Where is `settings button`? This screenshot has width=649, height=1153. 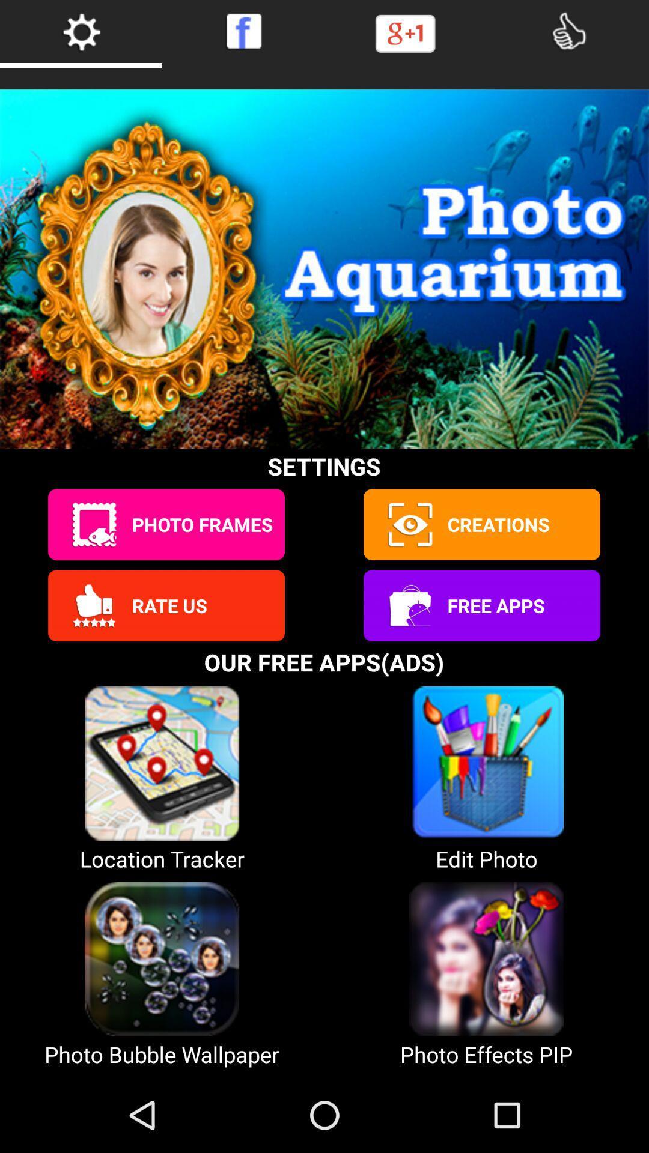
settings button is located at coordinates (81, 31).